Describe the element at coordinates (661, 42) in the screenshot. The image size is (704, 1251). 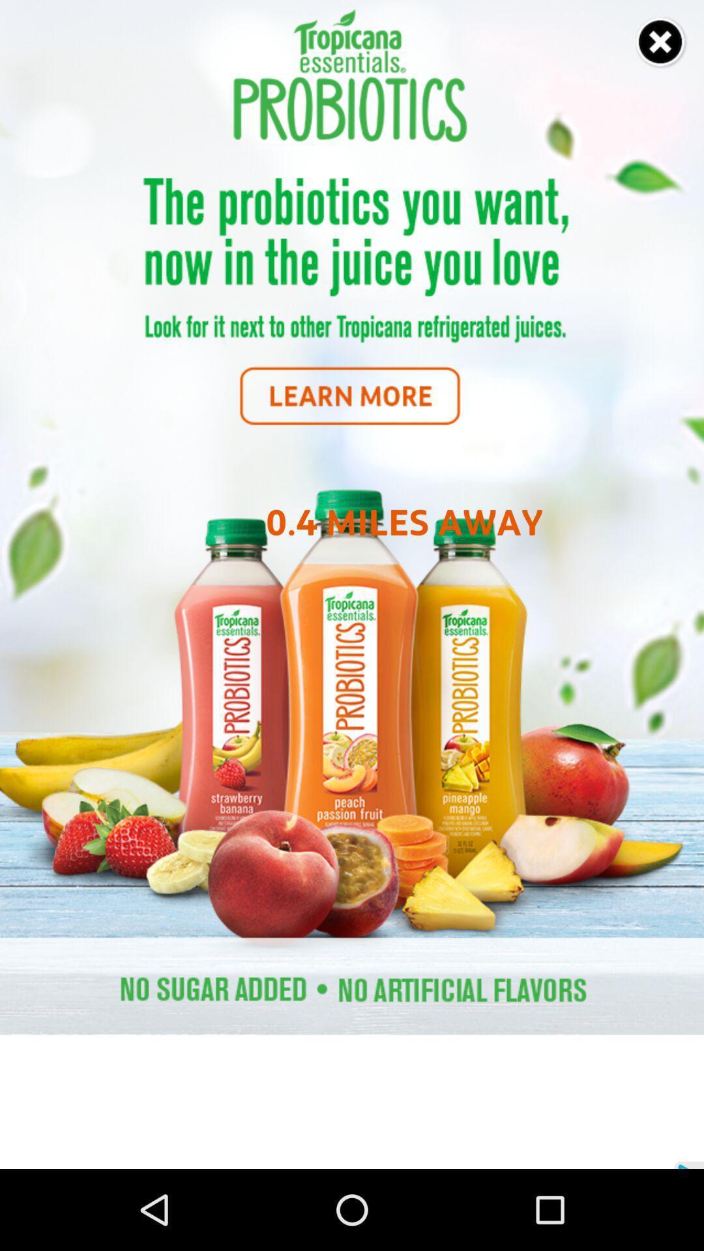
I see `close` at that location.